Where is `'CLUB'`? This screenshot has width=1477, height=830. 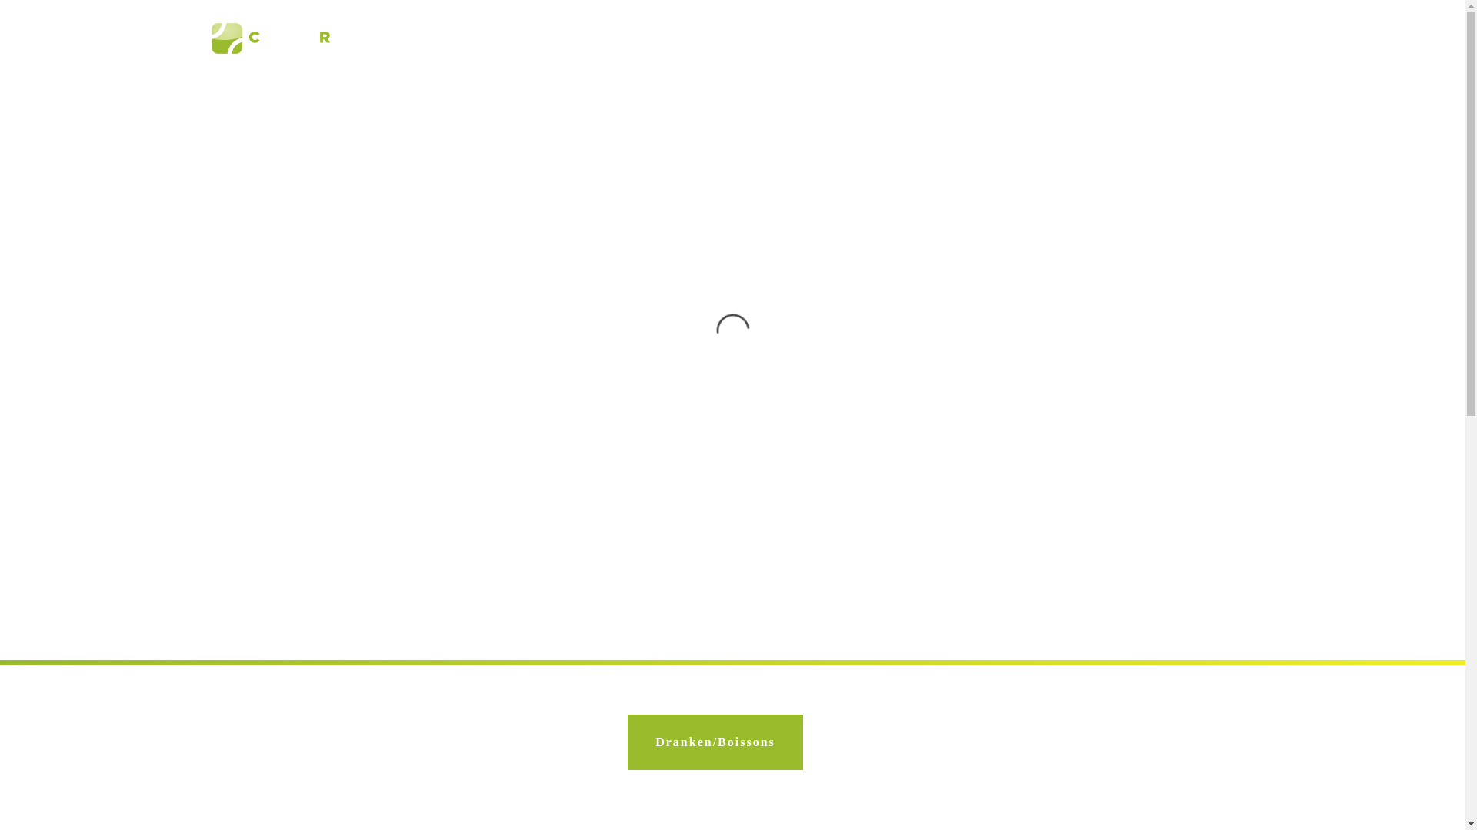 'CLUB' is located at coordinates (503, 38).